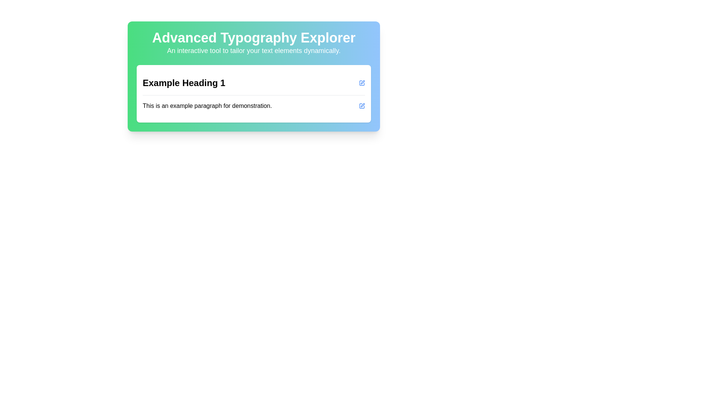 Image resolution: width=721 pixels, height=406 pixels. I want to click on the heading element with the text 'Example Heading 1', which is prominently displayed at the top of the content area in a bold font, so click(184, 83).